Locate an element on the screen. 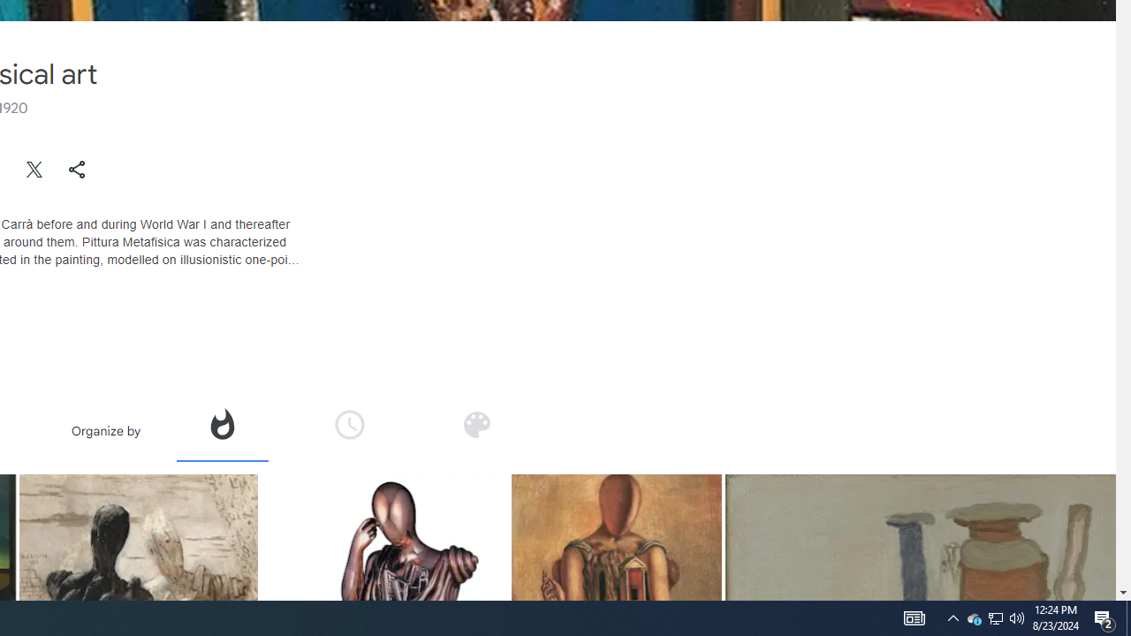  'Organize by popularity' is located at coordinates (221, 430).